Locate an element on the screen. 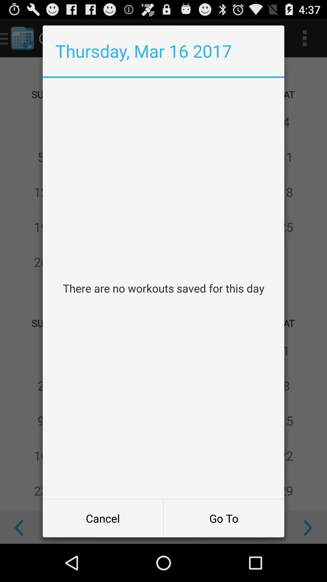 The width and height of the screenshot is (327, 582). go to at the bottom right corner is located at coordinates (224, 518).